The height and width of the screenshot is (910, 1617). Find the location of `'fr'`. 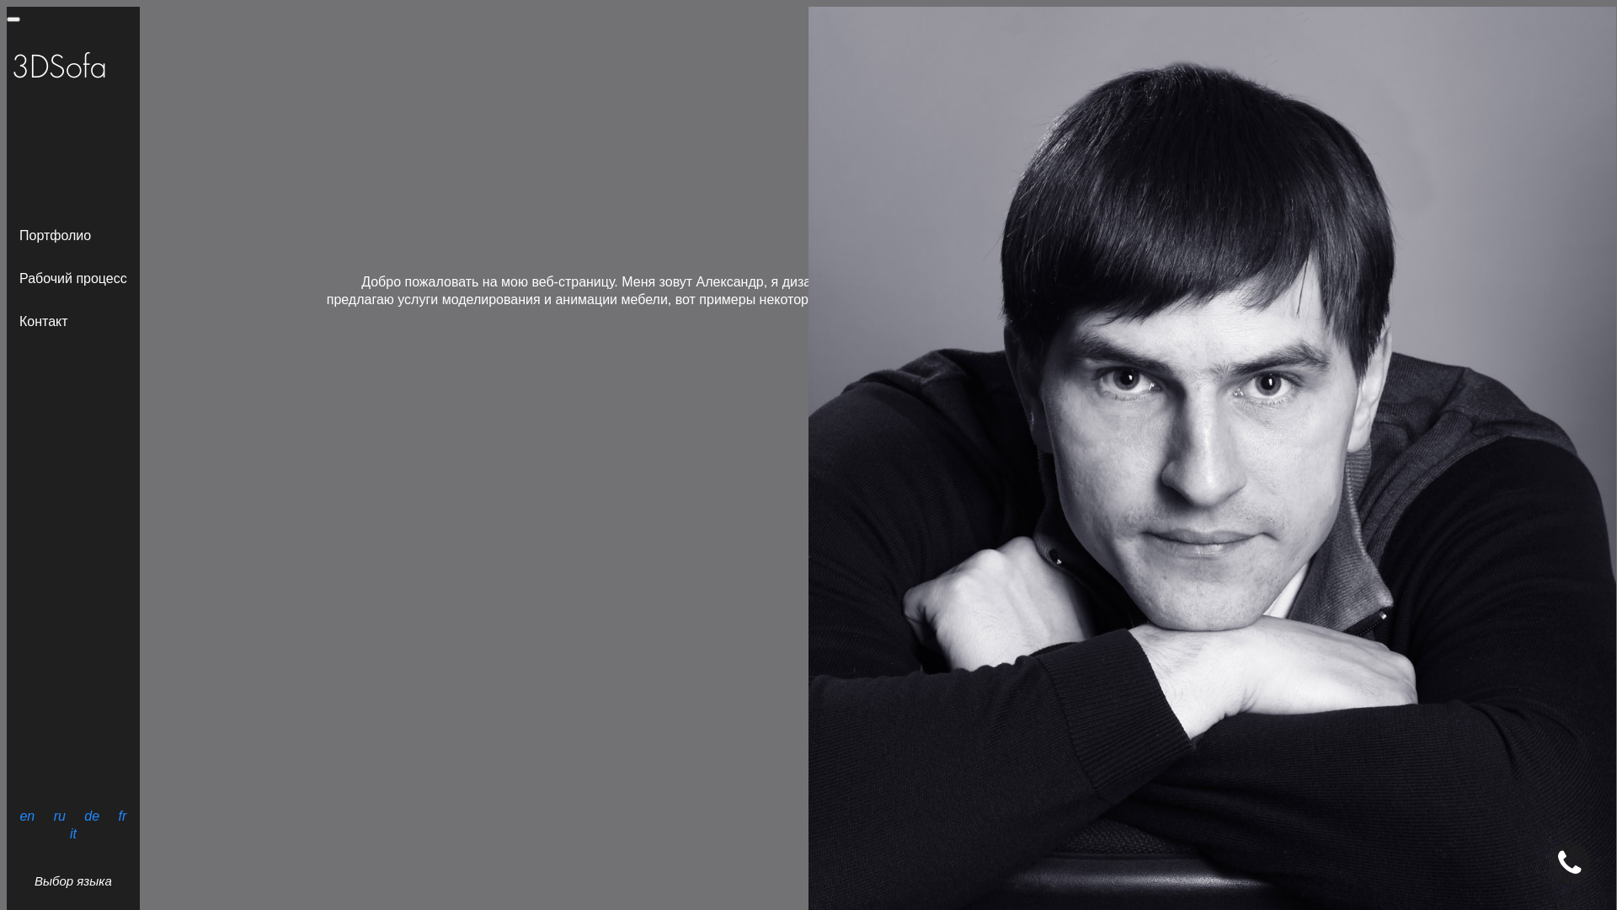

'fr' is located at coordinates (121, 815).